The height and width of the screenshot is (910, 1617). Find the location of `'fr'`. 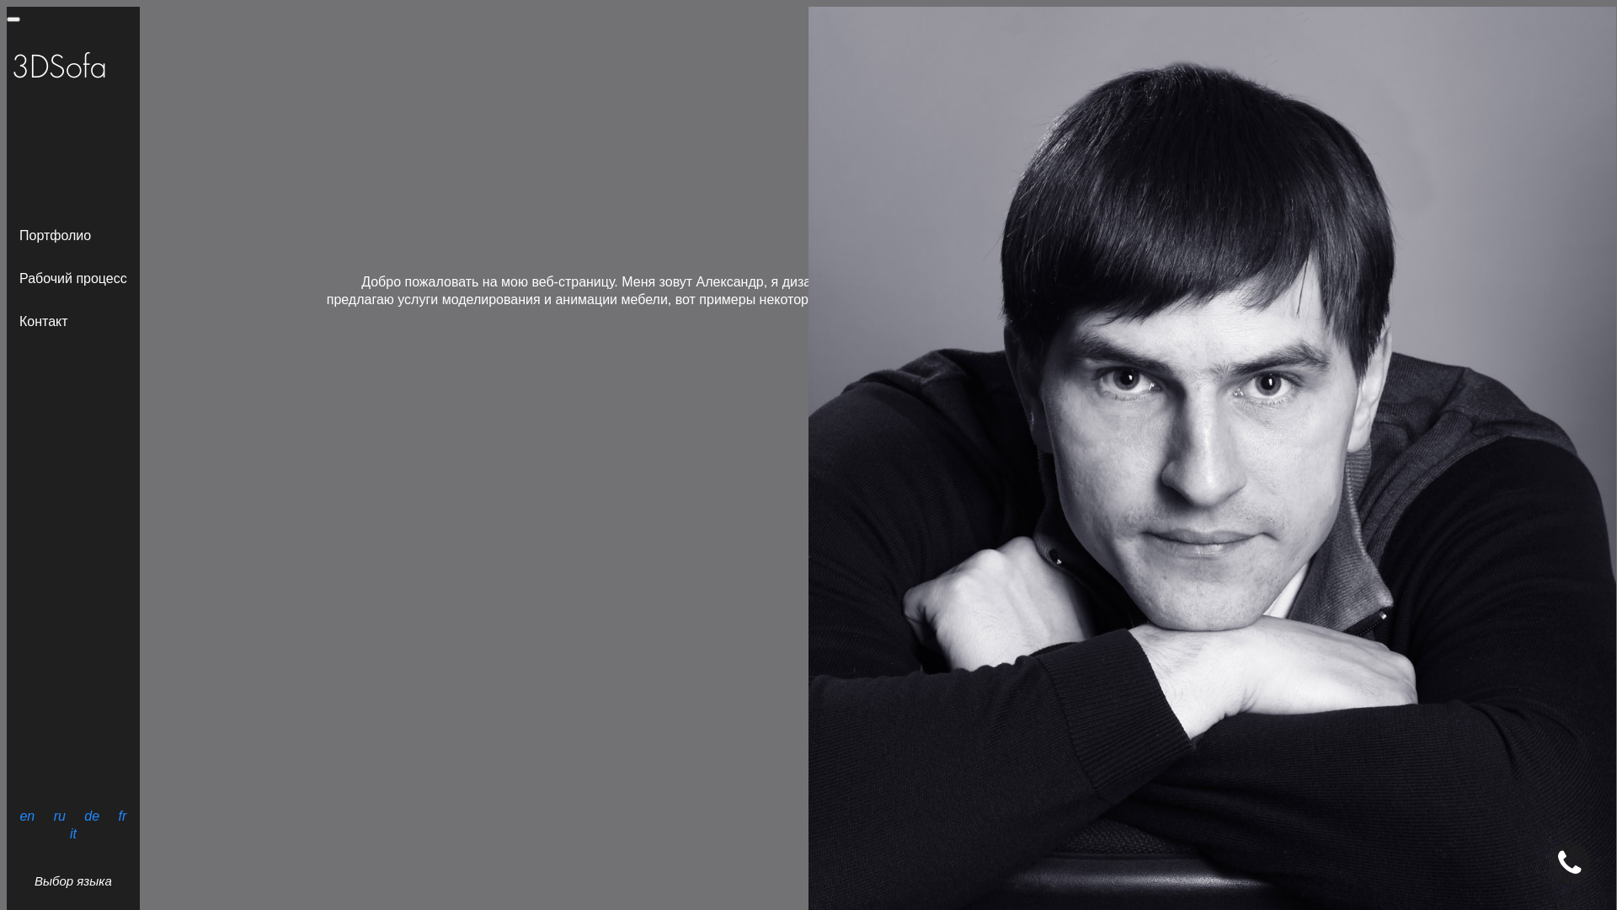

'fr' is located at coordinates (121, 815).